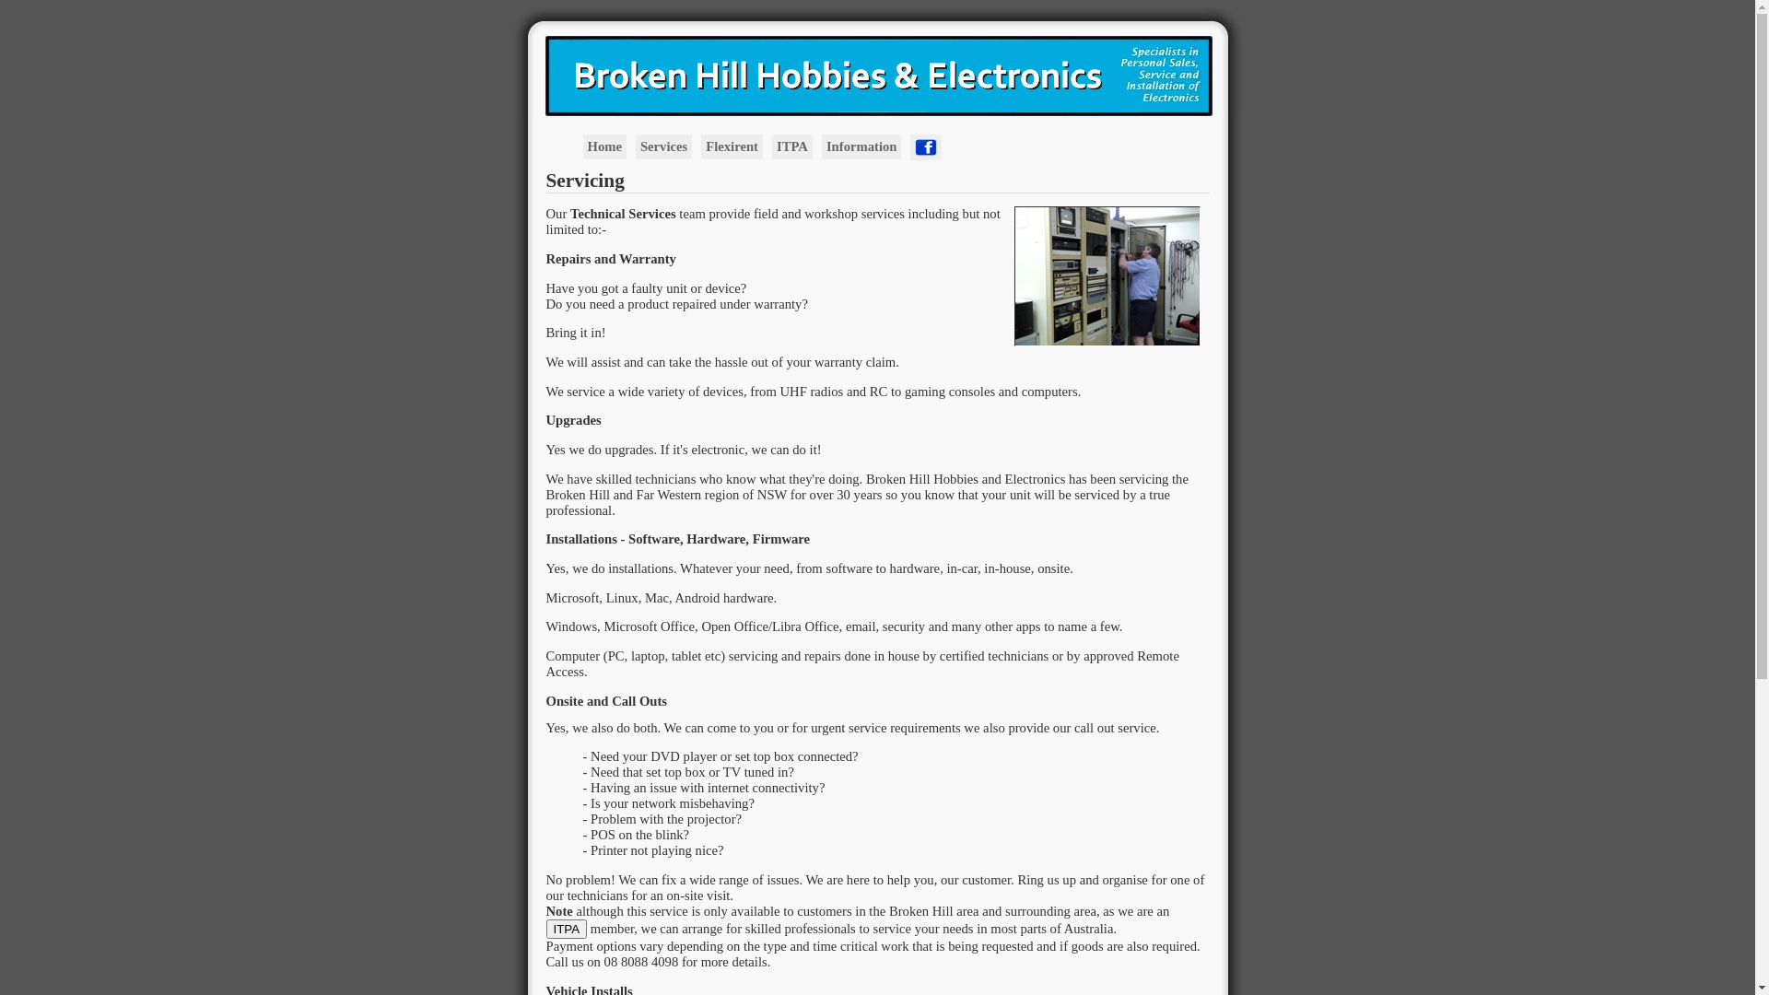  What do you see at coordinates (861, 146) in the screenshot?
I see `'Information'` at bounding box center [861, 146].